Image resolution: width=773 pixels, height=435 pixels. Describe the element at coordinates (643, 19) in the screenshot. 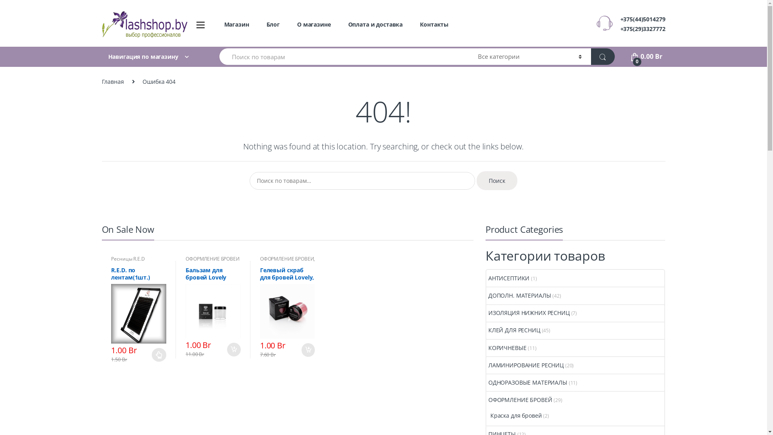

I see `'+375(44)5014279'` at that location.